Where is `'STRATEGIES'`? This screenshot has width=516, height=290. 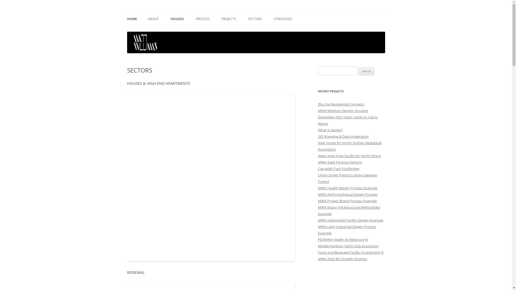 'STRATEGIES' is located at coordinates (282, 19).